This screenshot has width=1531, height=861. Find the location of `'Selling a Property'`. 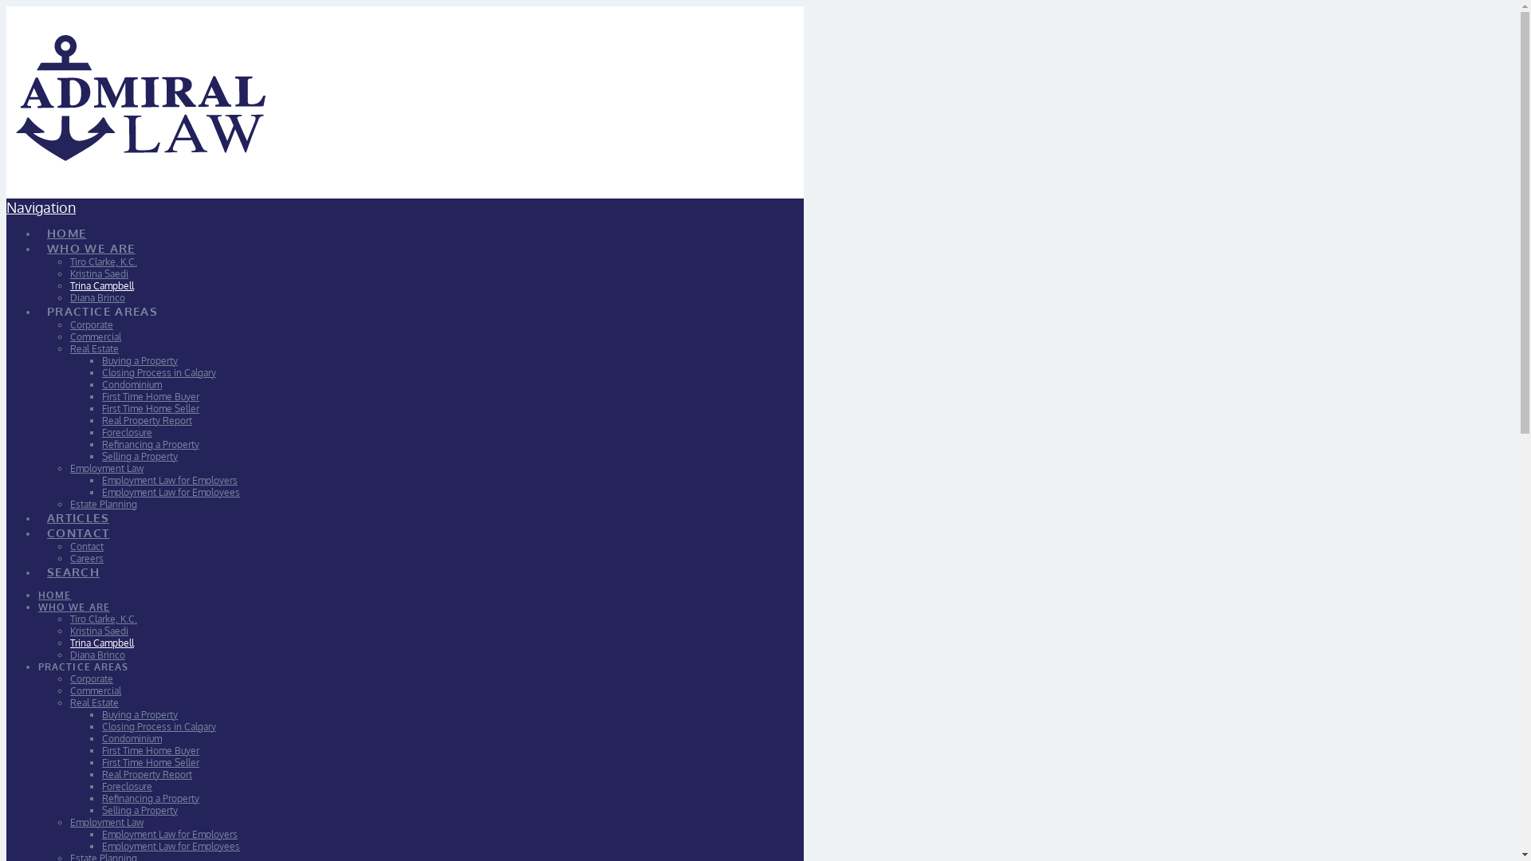

'Selling a Property' is located at coordinates (140, 810).